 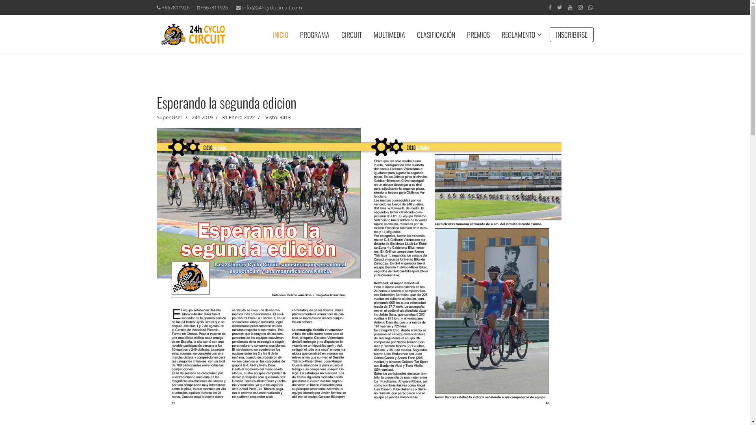 I want to click on '+667811926', so click(x=175, y=7).